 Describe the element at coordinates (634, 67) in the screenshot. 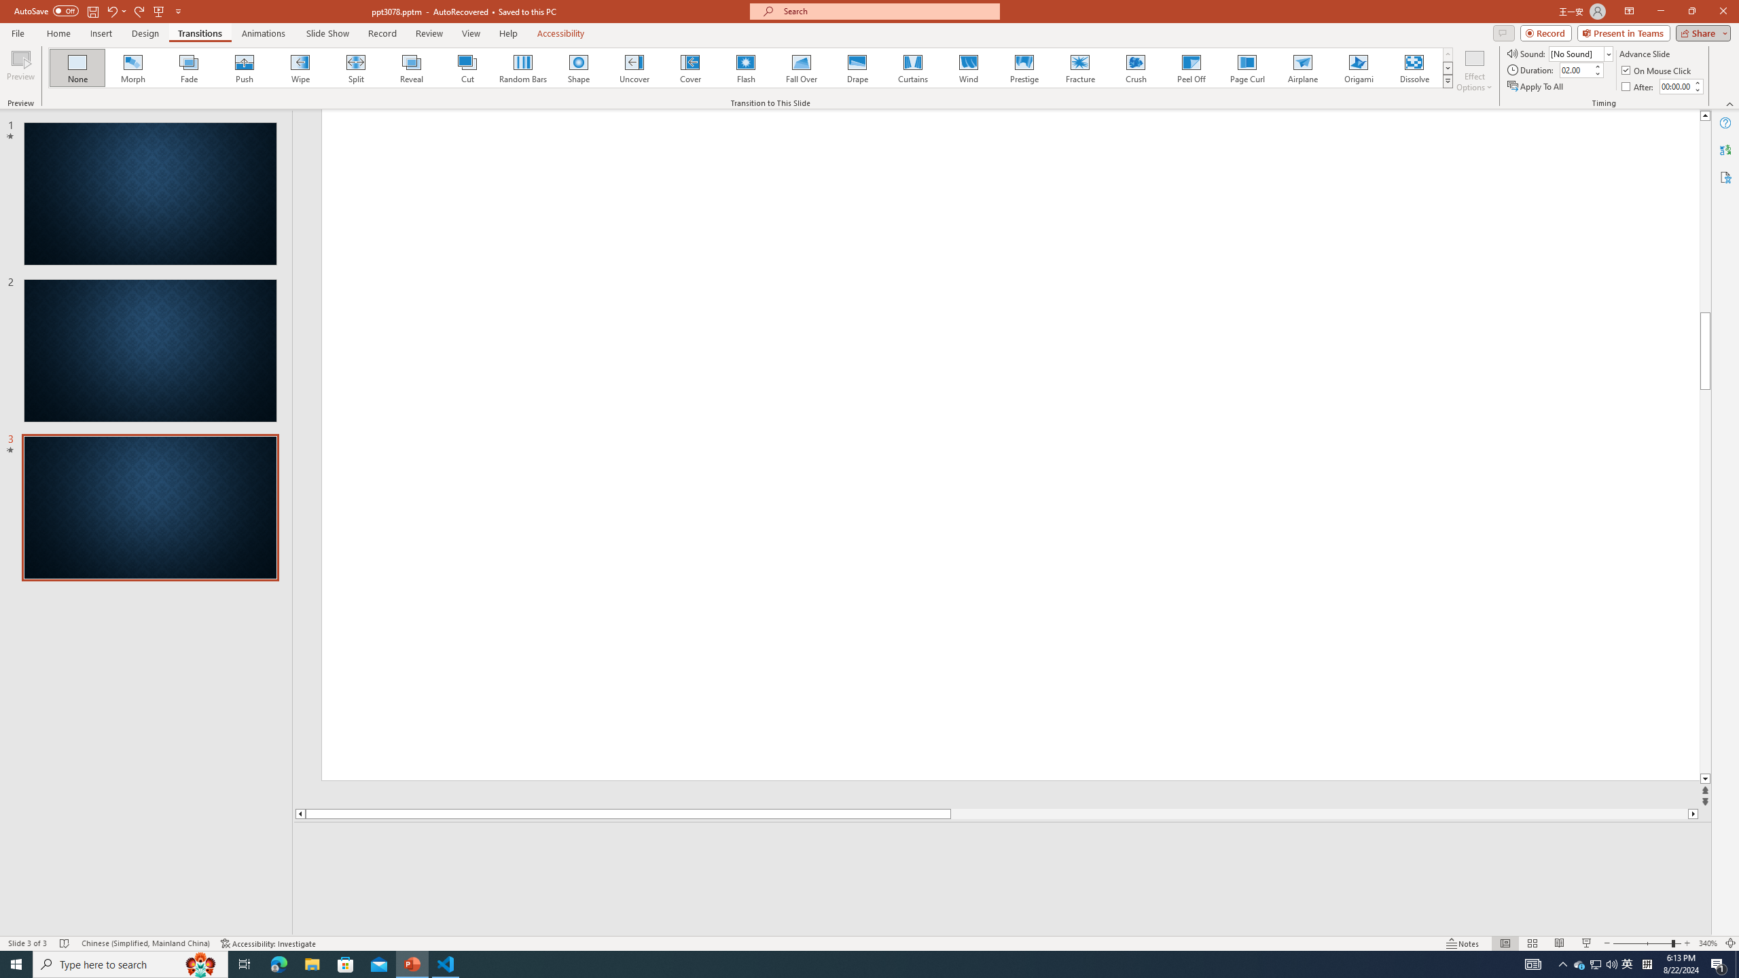

I see `'Uncover'` at that location.